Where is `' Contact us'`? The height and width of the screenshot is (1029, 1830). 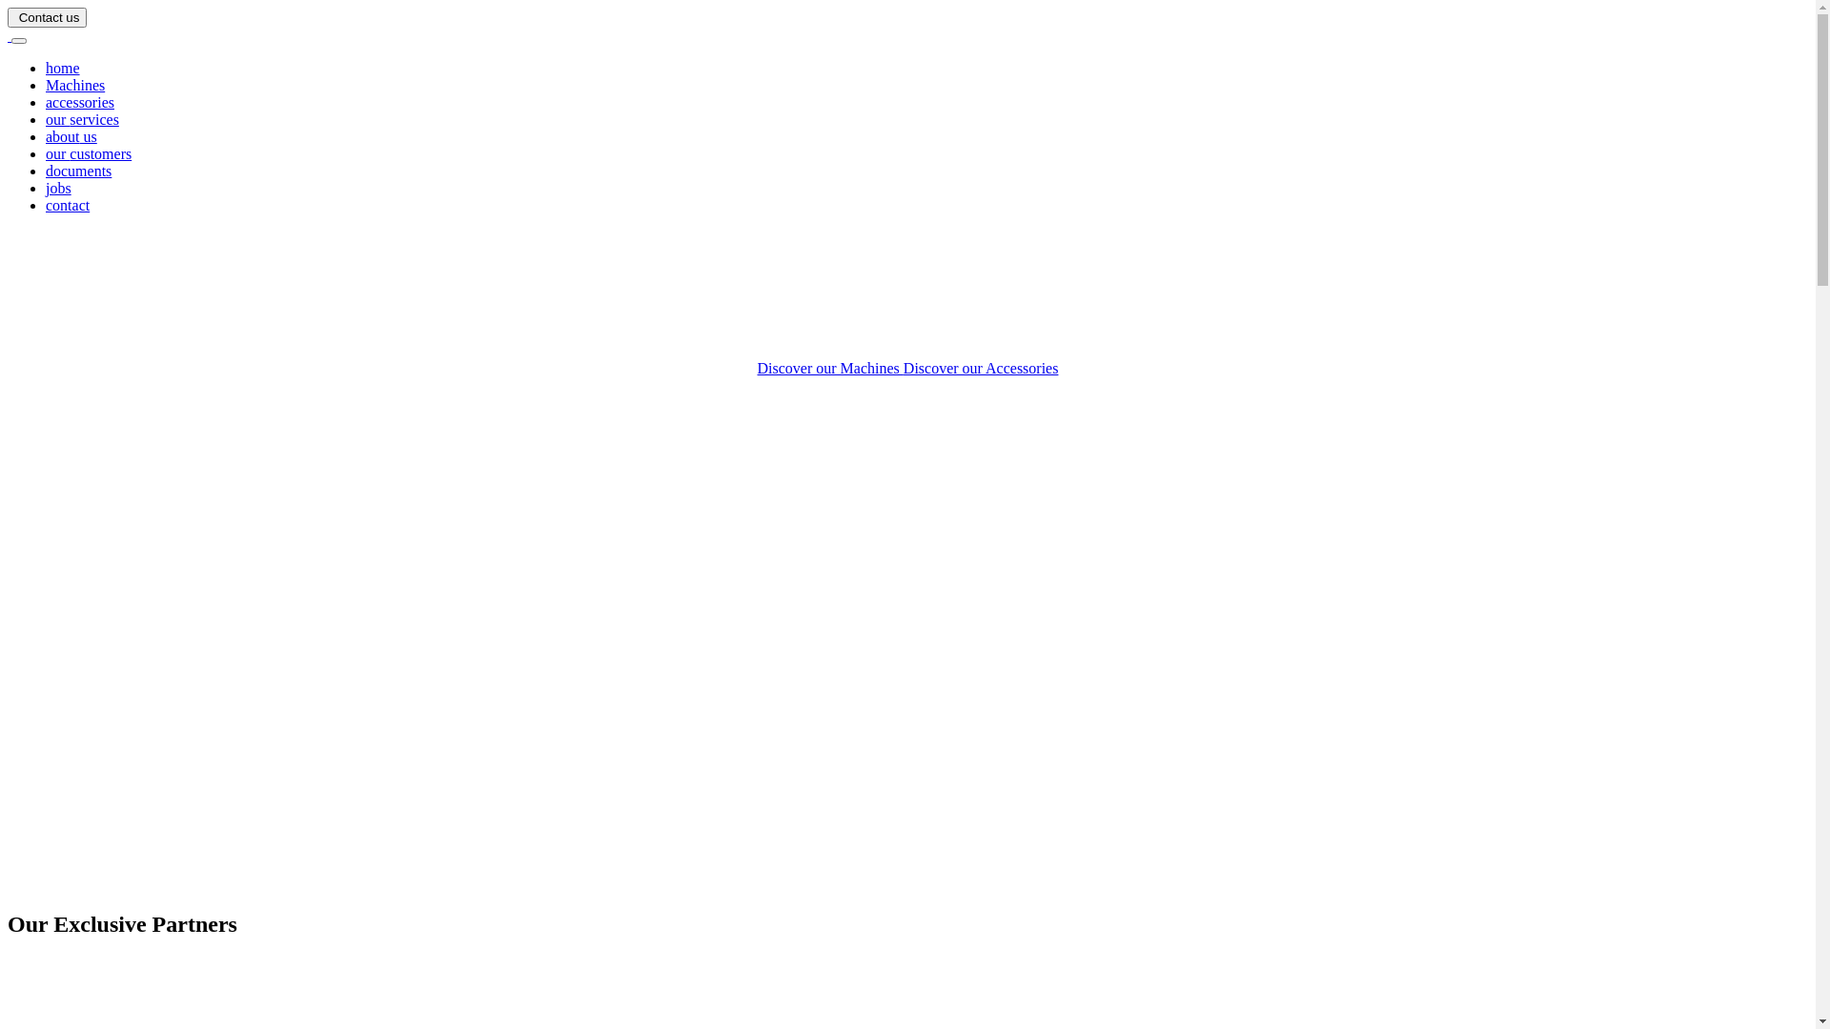
' Contact us' is located at coordinates (47, 16).